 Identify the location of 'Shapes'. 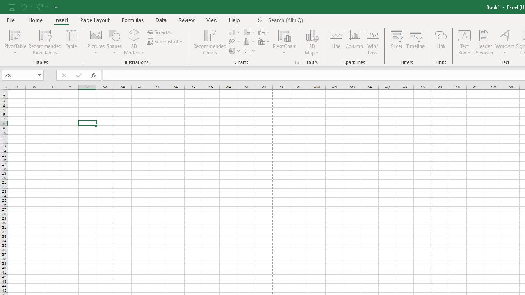
(114, 42).